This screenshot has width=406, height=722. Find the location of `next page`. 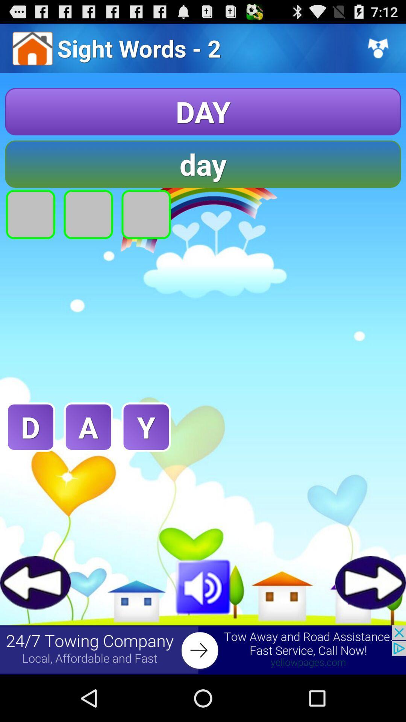

next page is located at coordinates (370, 582).